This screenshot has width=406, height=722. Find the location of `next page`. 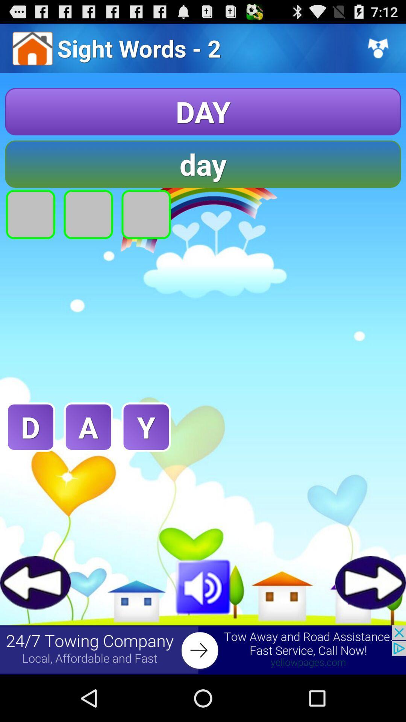

next page is located at coordinates (370, 582).